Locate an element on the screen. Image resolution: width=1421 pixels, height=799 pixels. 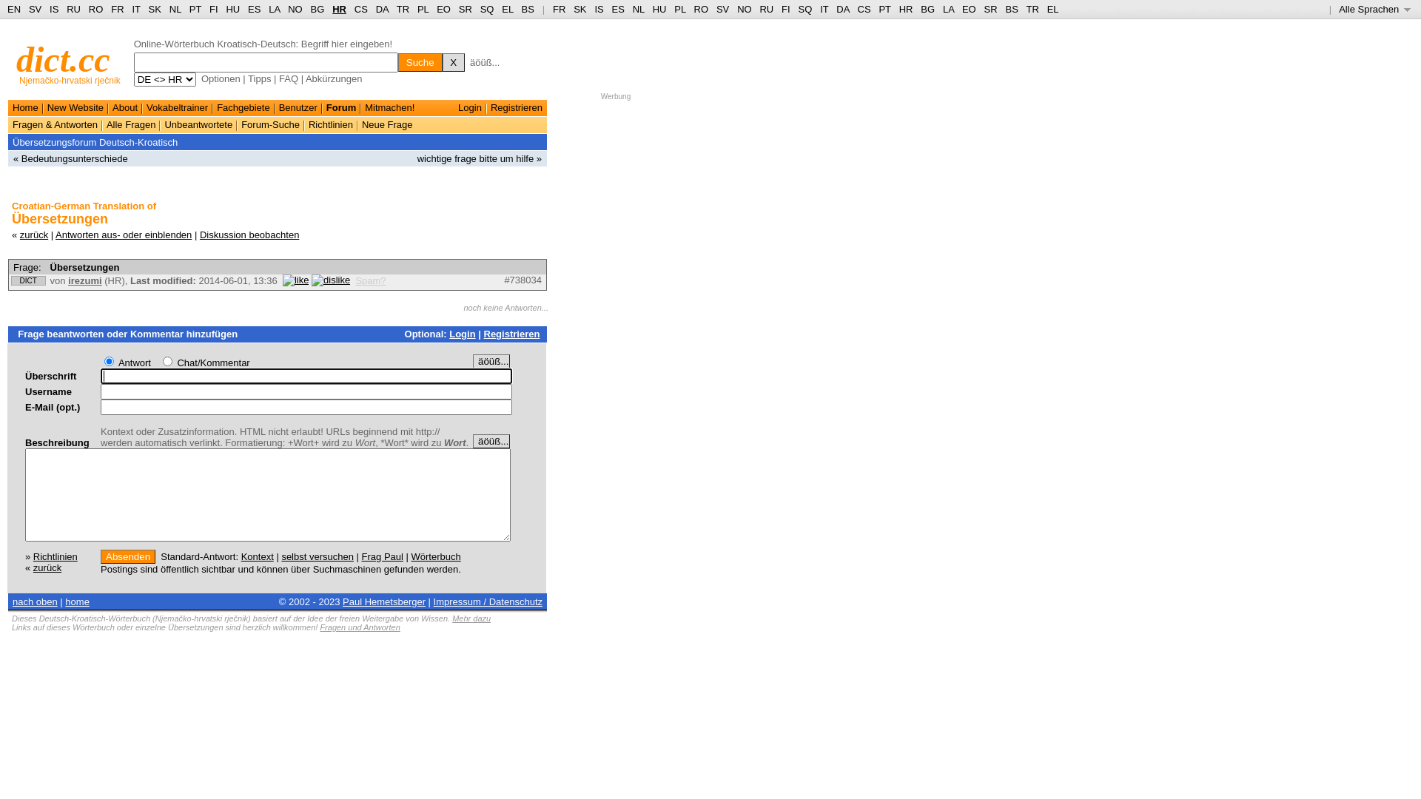
'CS' is located at coordinates (361, 9).